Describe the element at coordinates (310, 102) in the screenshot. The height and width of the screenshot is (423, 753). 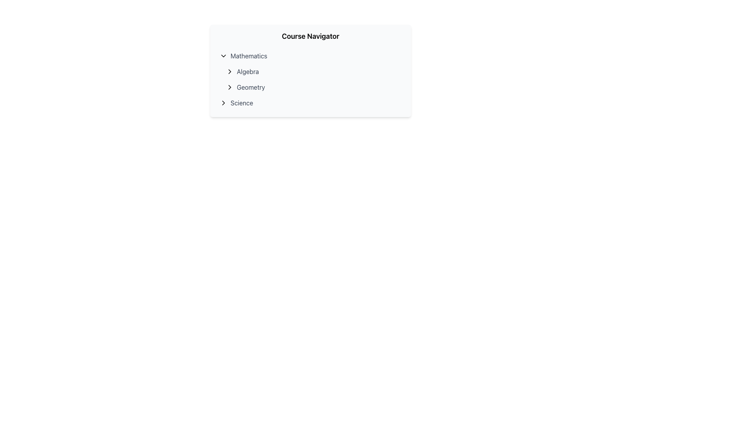
I see `the 'Science' menu item at the bottom of the 'Course Navigator' list` at that location.